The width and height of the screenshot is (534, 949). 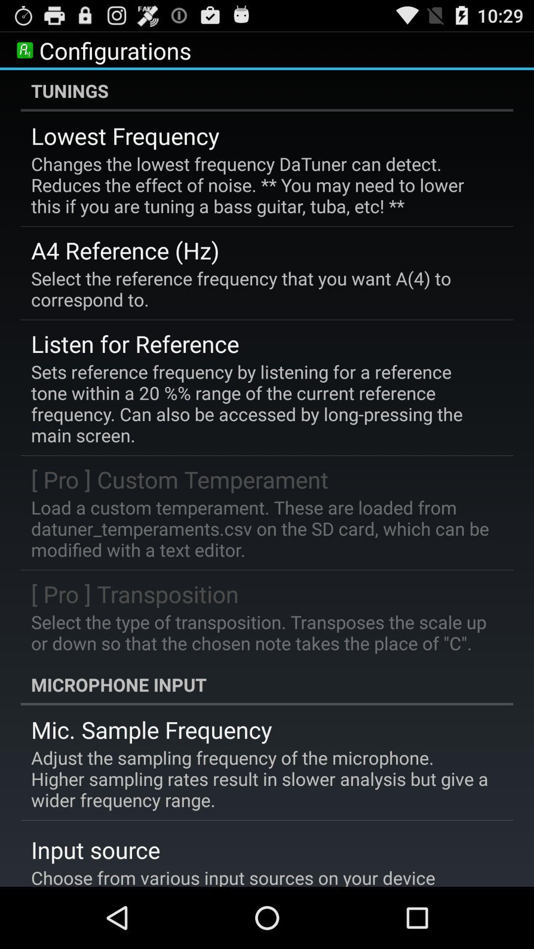 I want to click on the load a custom item, so click(x=260, y=528).